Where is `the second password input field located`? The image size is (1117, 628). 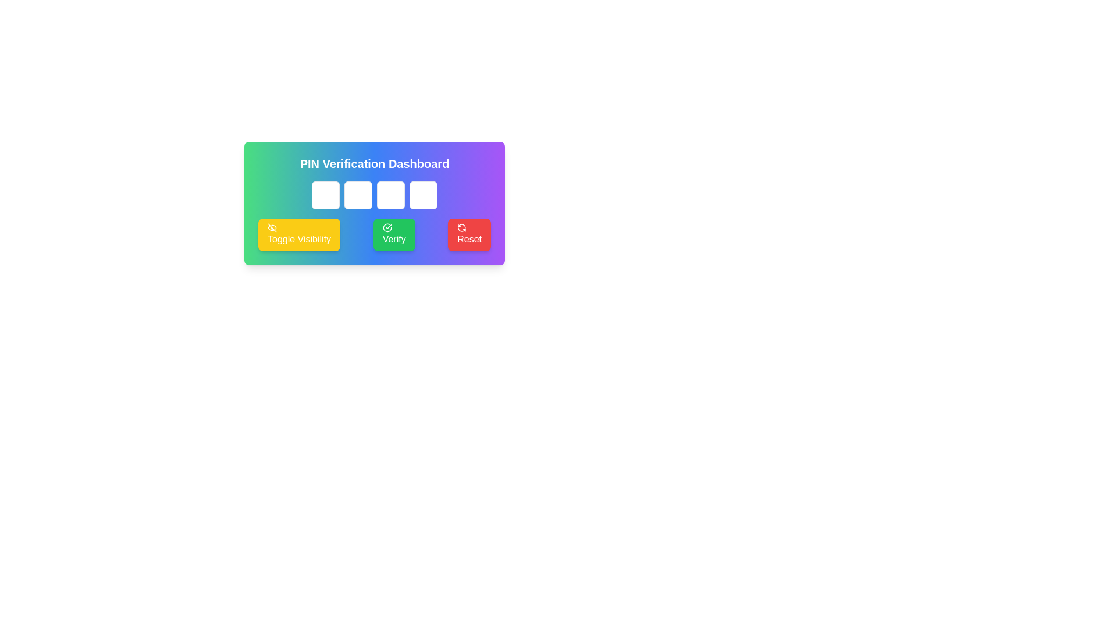 the second password input field located is located at coordinates (357, 194).